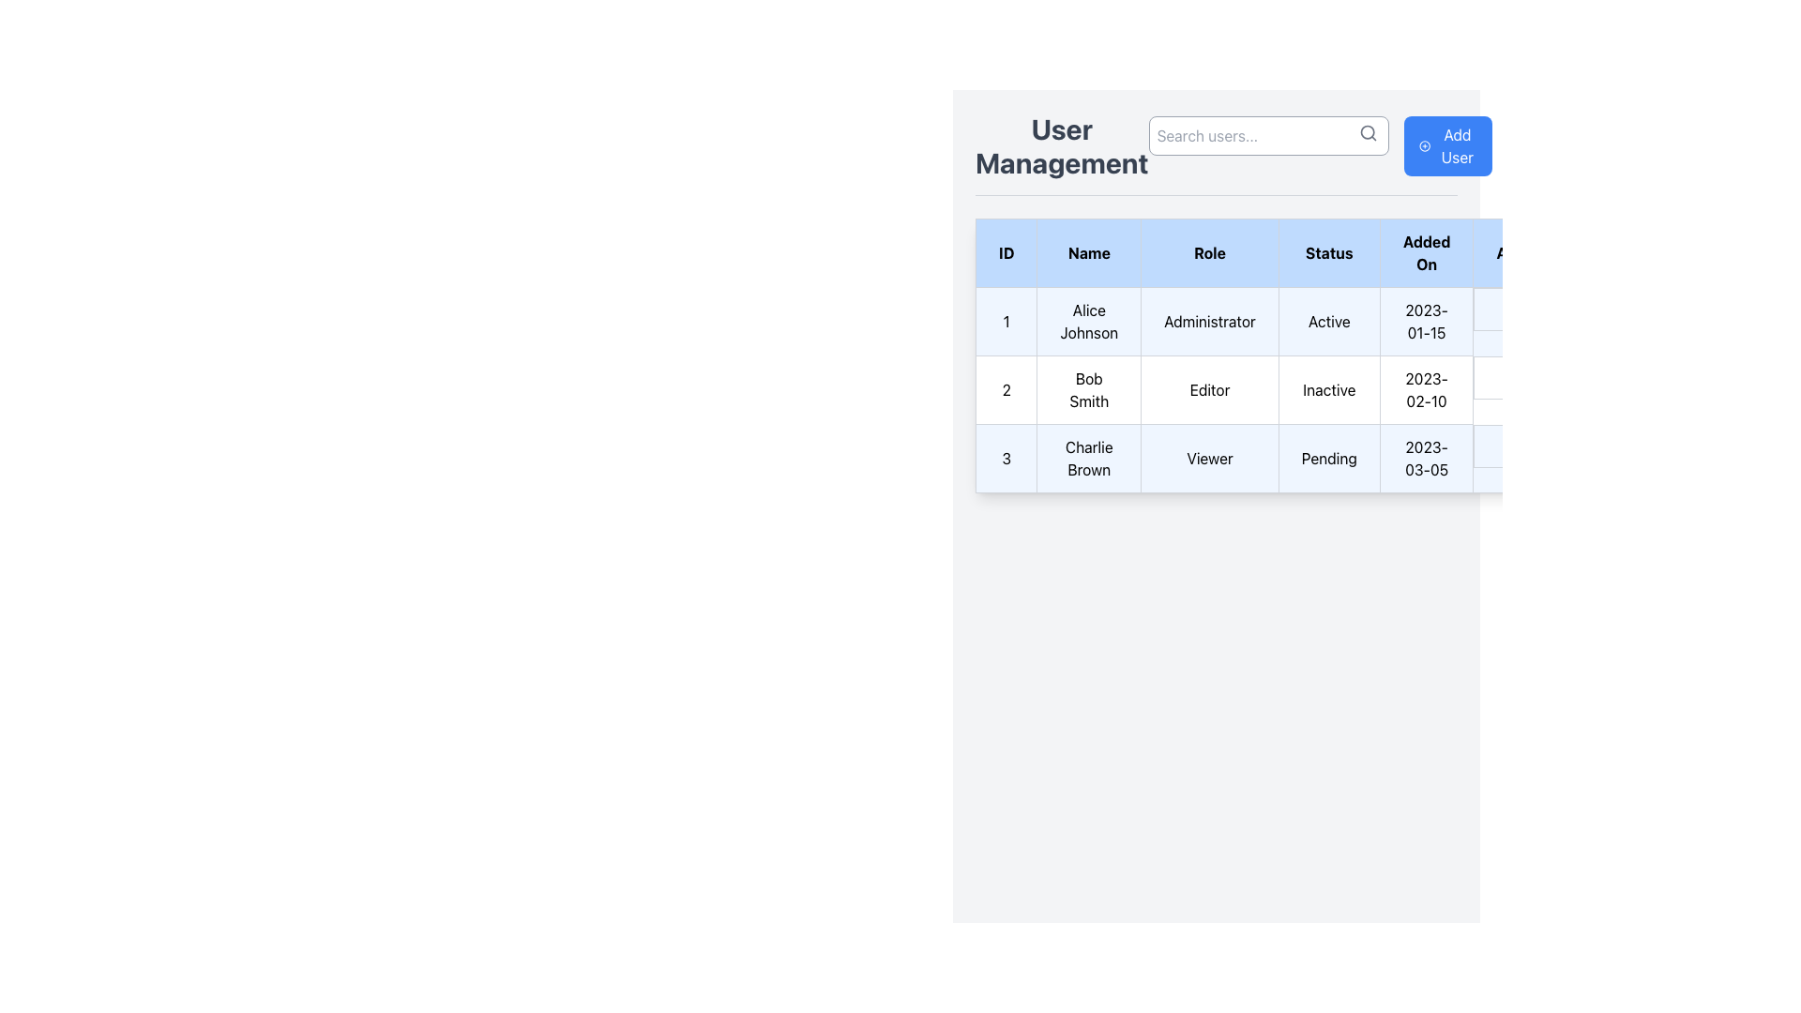 This screenshot has height=1013, width=1801. I want to click on the text input field located in the top-right section of the User Management area to focus and start typing a query, so click(1319, 144).